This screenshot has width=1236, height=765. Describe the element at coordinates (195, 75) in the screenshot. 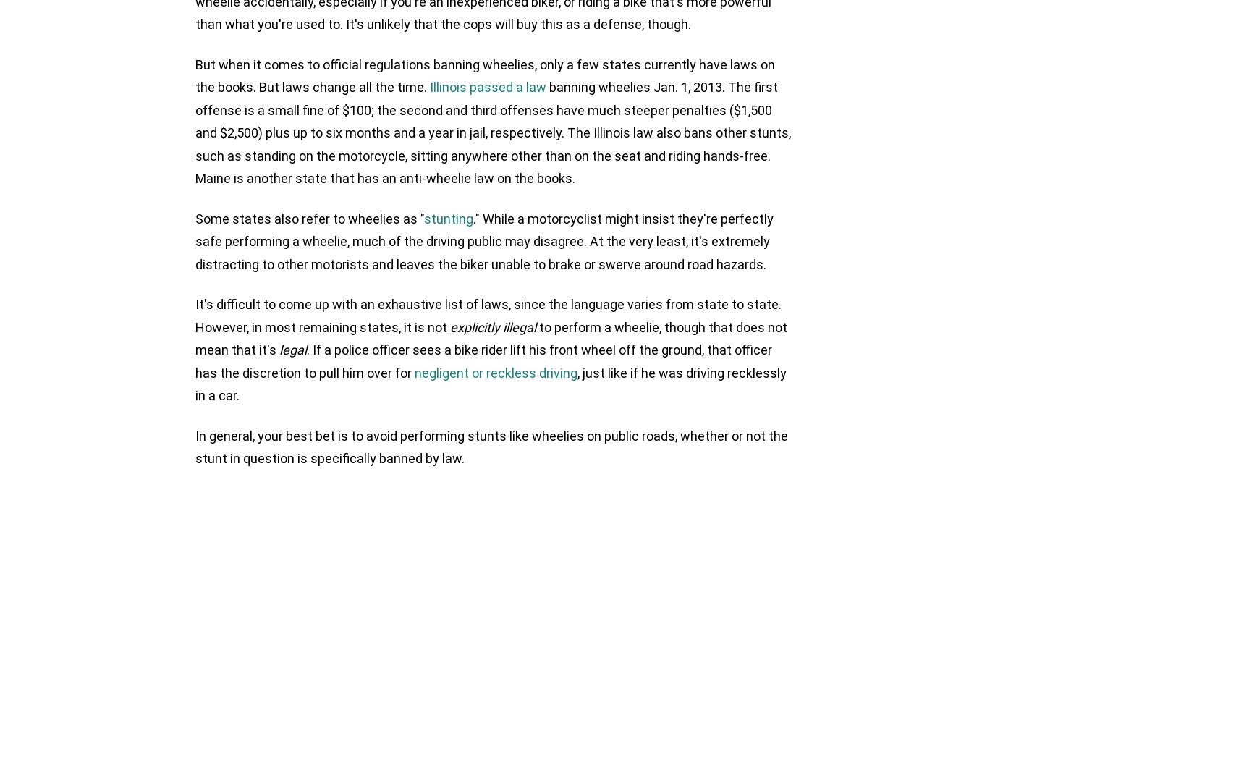

I see `'But when it comes to official regulations banning wheelies, only a few states currently have laws on the books. But laws change all the time.'` at that location.